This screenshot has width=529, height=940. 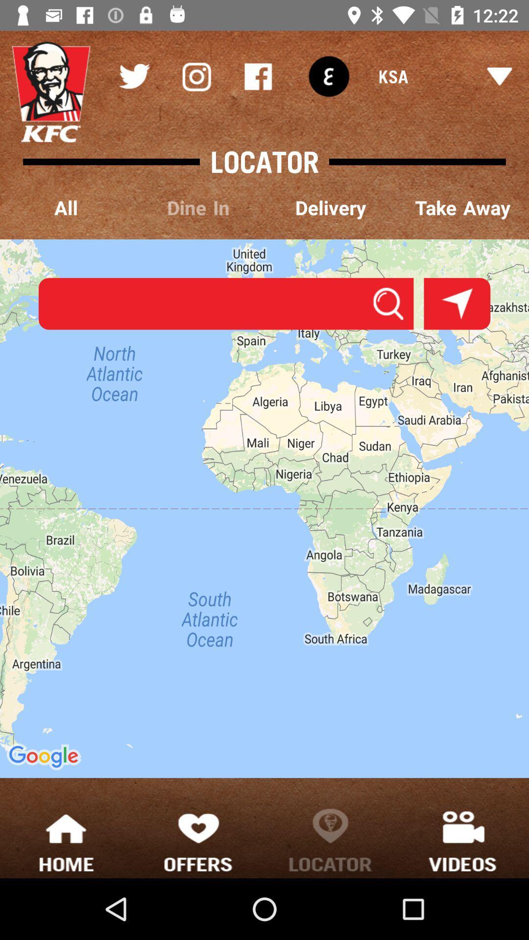 What do you see at coordinates (198, 208) in the screenshot?
I see `the item next to the all item` at bounding box center [198, 208].